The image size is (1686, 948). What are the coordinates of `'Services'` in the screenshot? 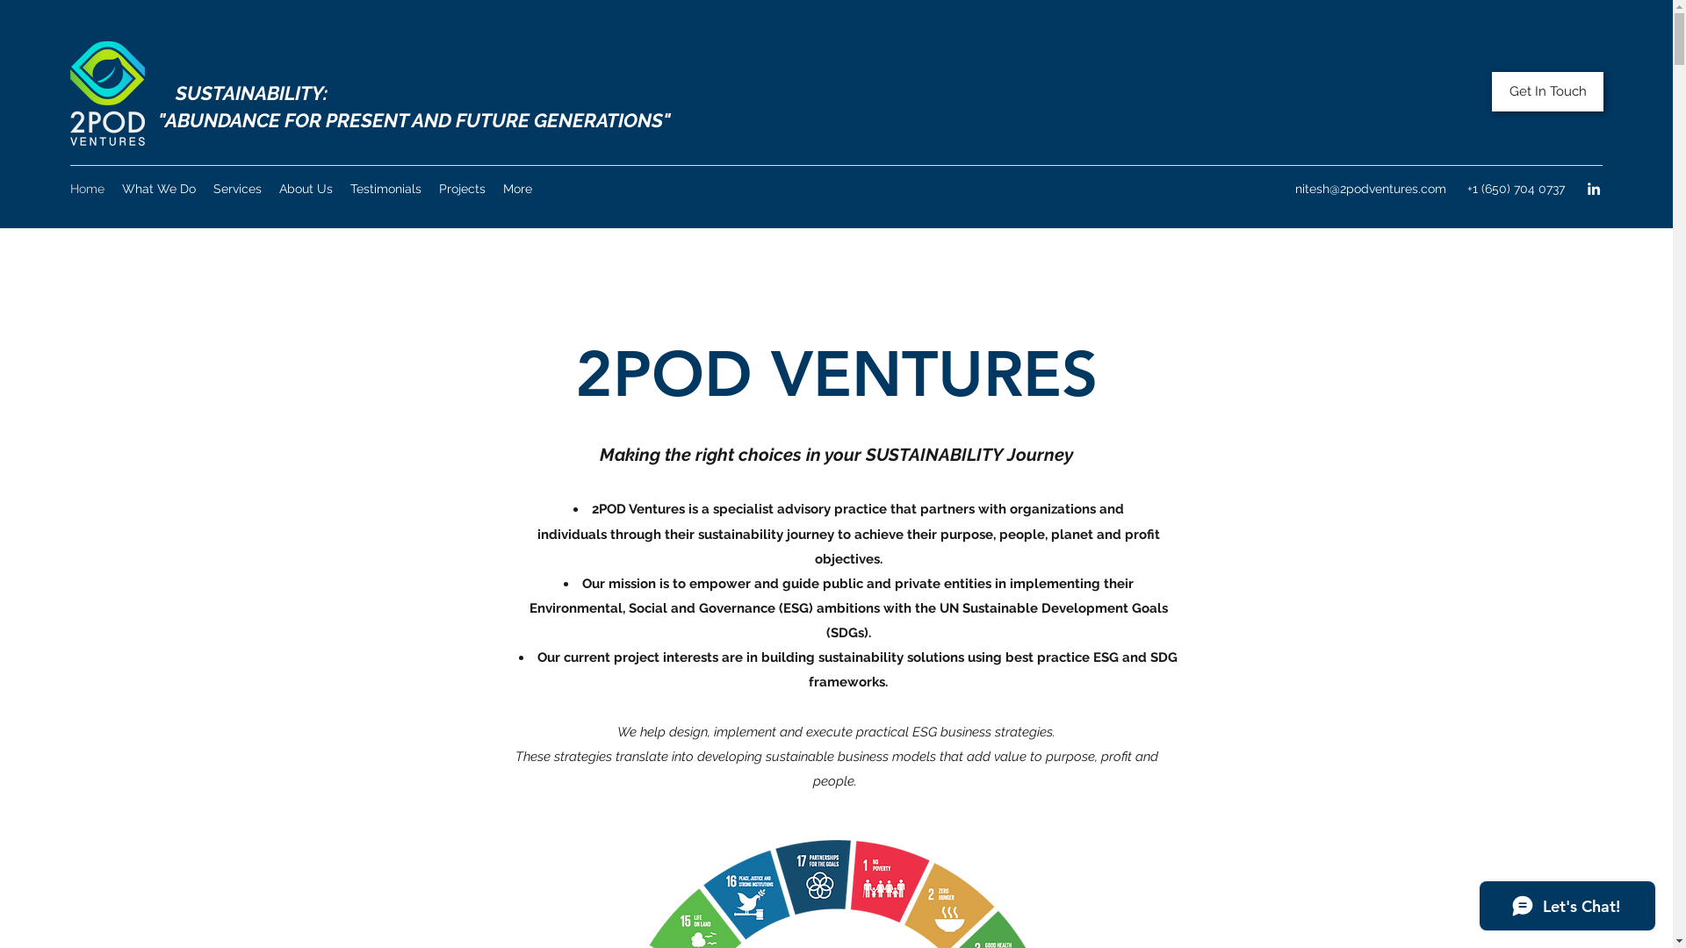 It's located at (236, 189).